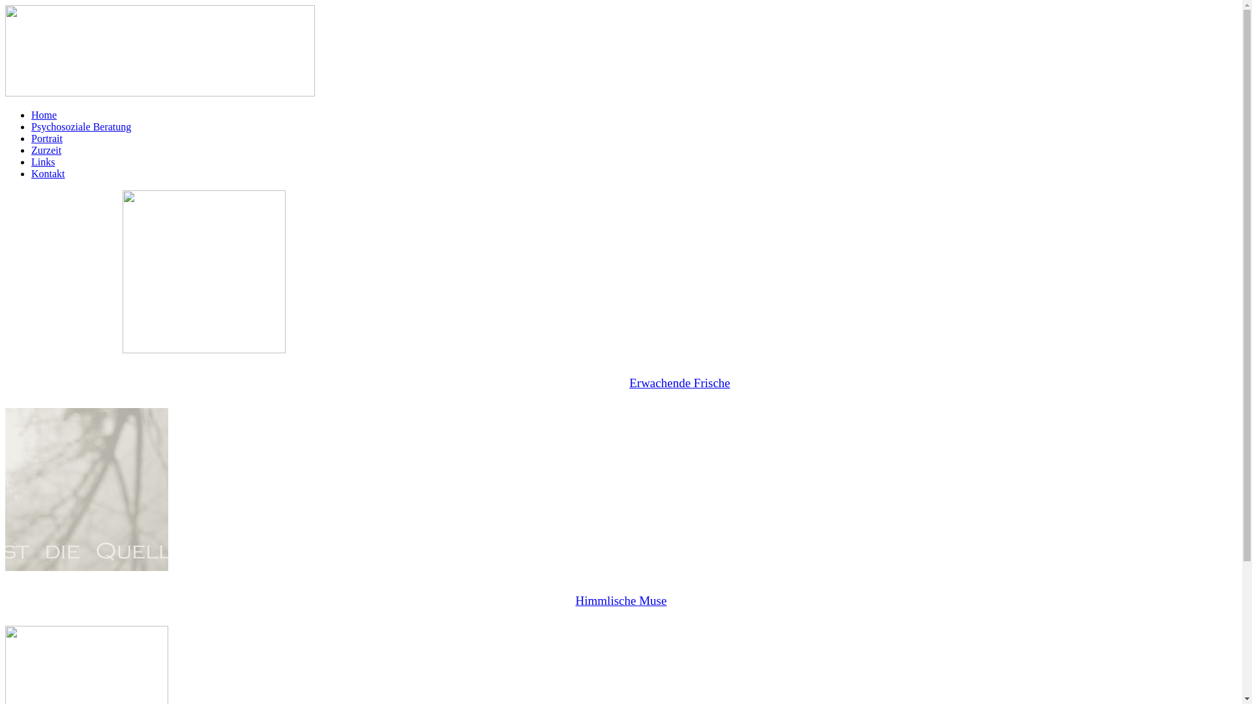 Image resolution: width=1252 pixels, height=704 pixels. I want to click on 'Portrait', so click(31, 138).